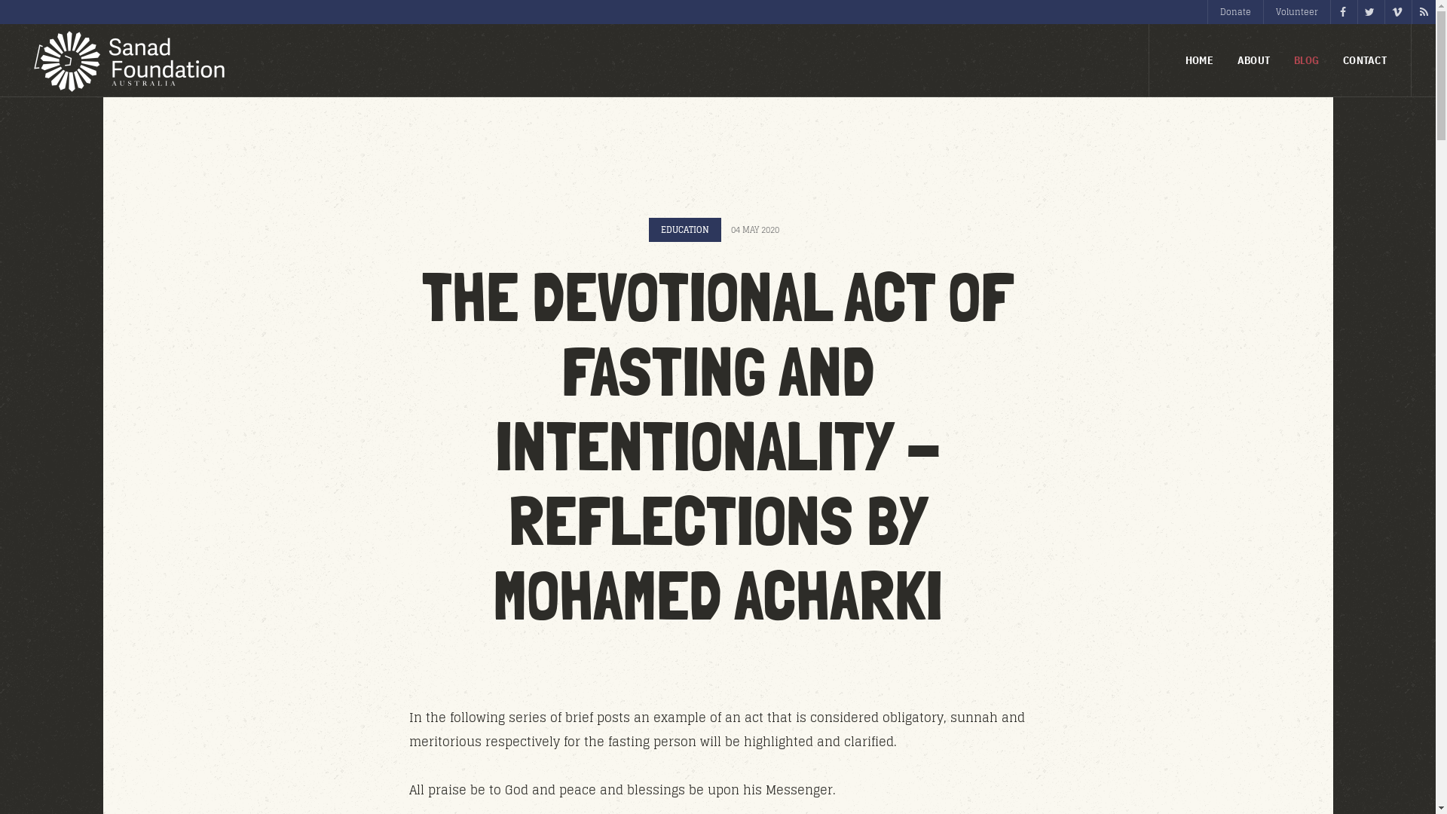 This screenshot has width=1447, height=814. Describe the element at coordinates (1341, 11) in the screenshot. I see `'facebook'` at that location.